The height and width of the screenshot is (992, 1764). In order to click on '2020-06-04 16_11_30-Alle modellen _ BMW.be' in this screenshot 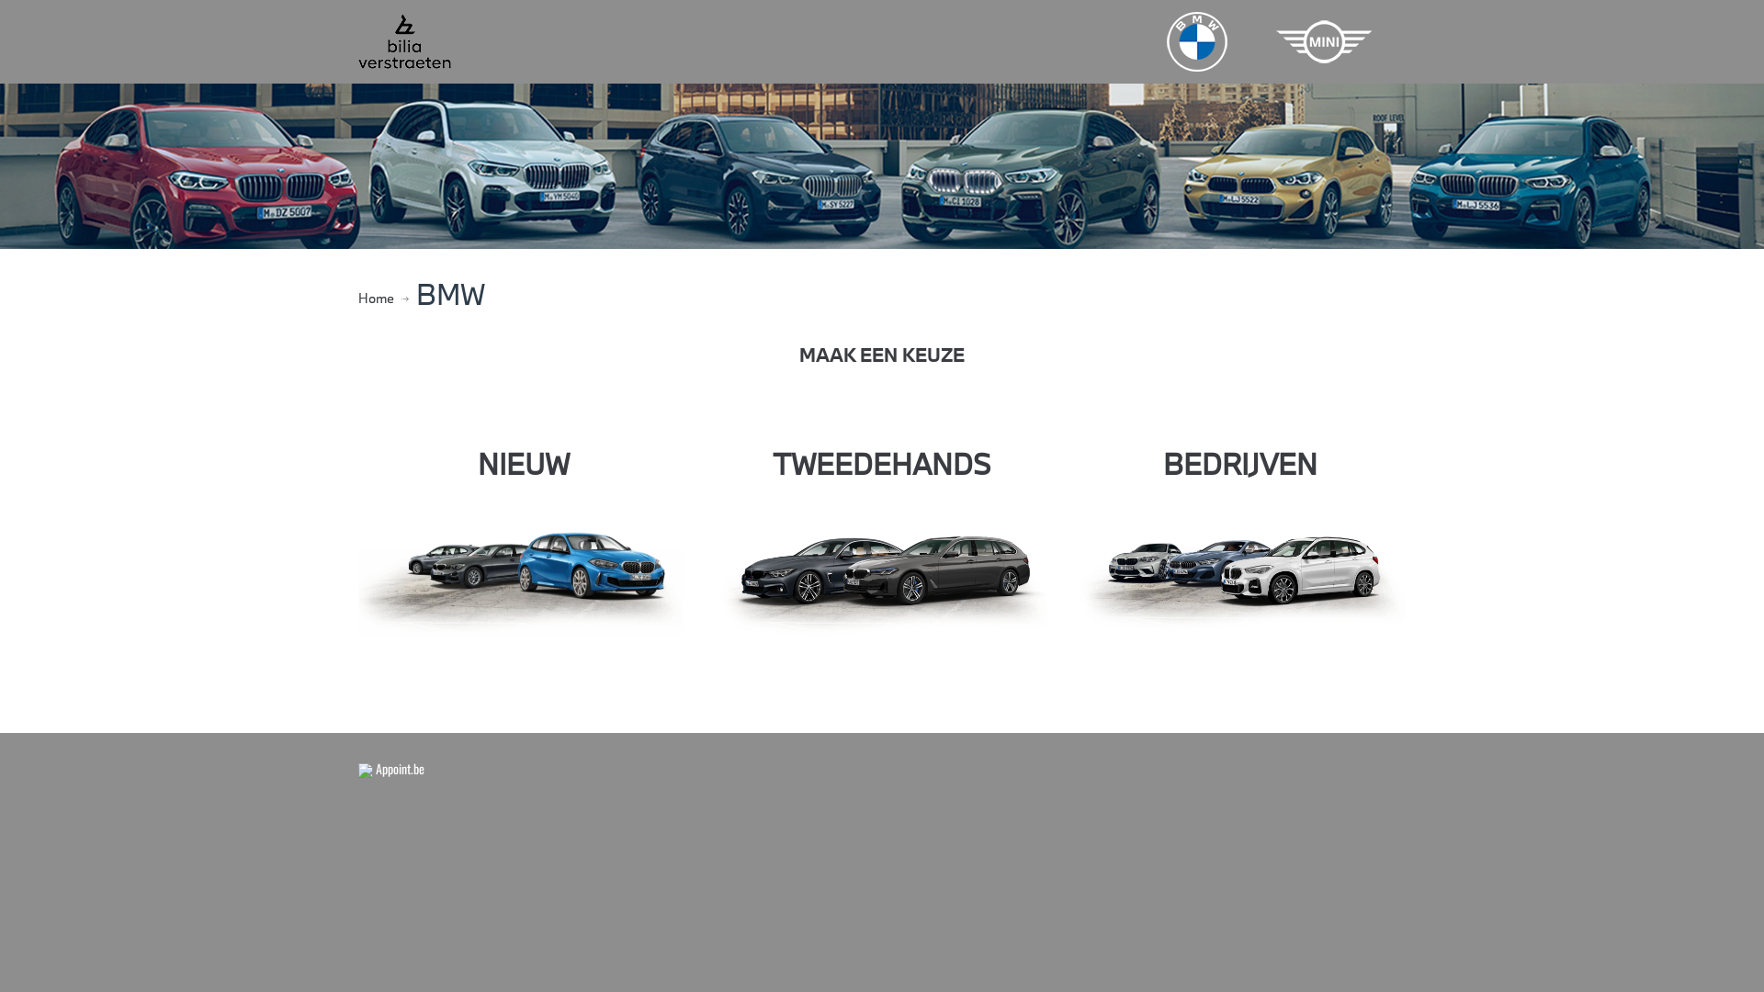, I will do `click(523, 566)`.